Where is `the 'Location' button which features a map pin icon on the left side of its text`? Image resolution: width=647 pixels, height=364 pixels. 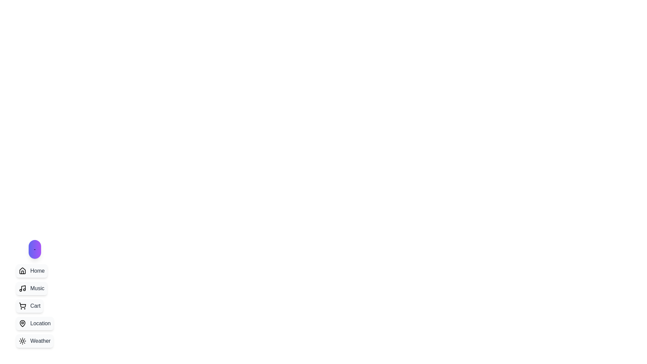 the 'Location' button which features a map pin icon on the left side of its text is located at coordinates (23, 323).